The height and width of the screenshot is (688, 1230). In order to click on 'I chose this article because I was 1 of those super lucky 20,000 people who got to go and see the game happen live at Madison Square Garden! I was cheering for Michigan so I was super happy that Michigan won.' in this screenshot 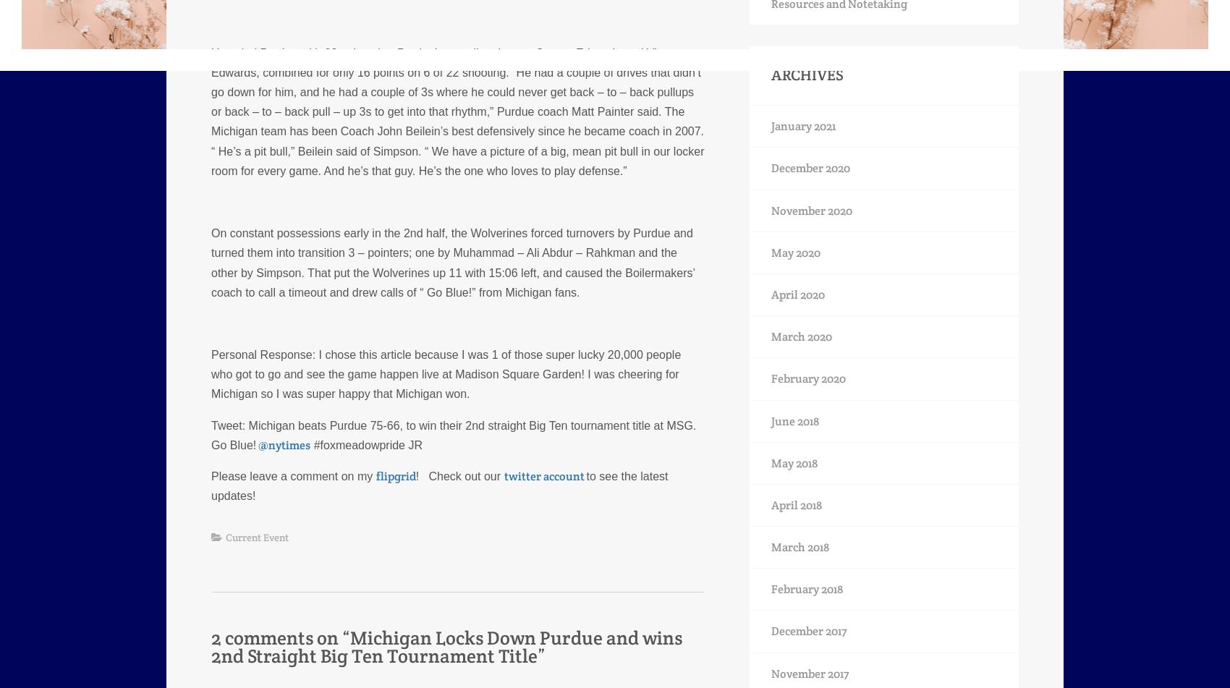, I will do `click(445, 373)`.